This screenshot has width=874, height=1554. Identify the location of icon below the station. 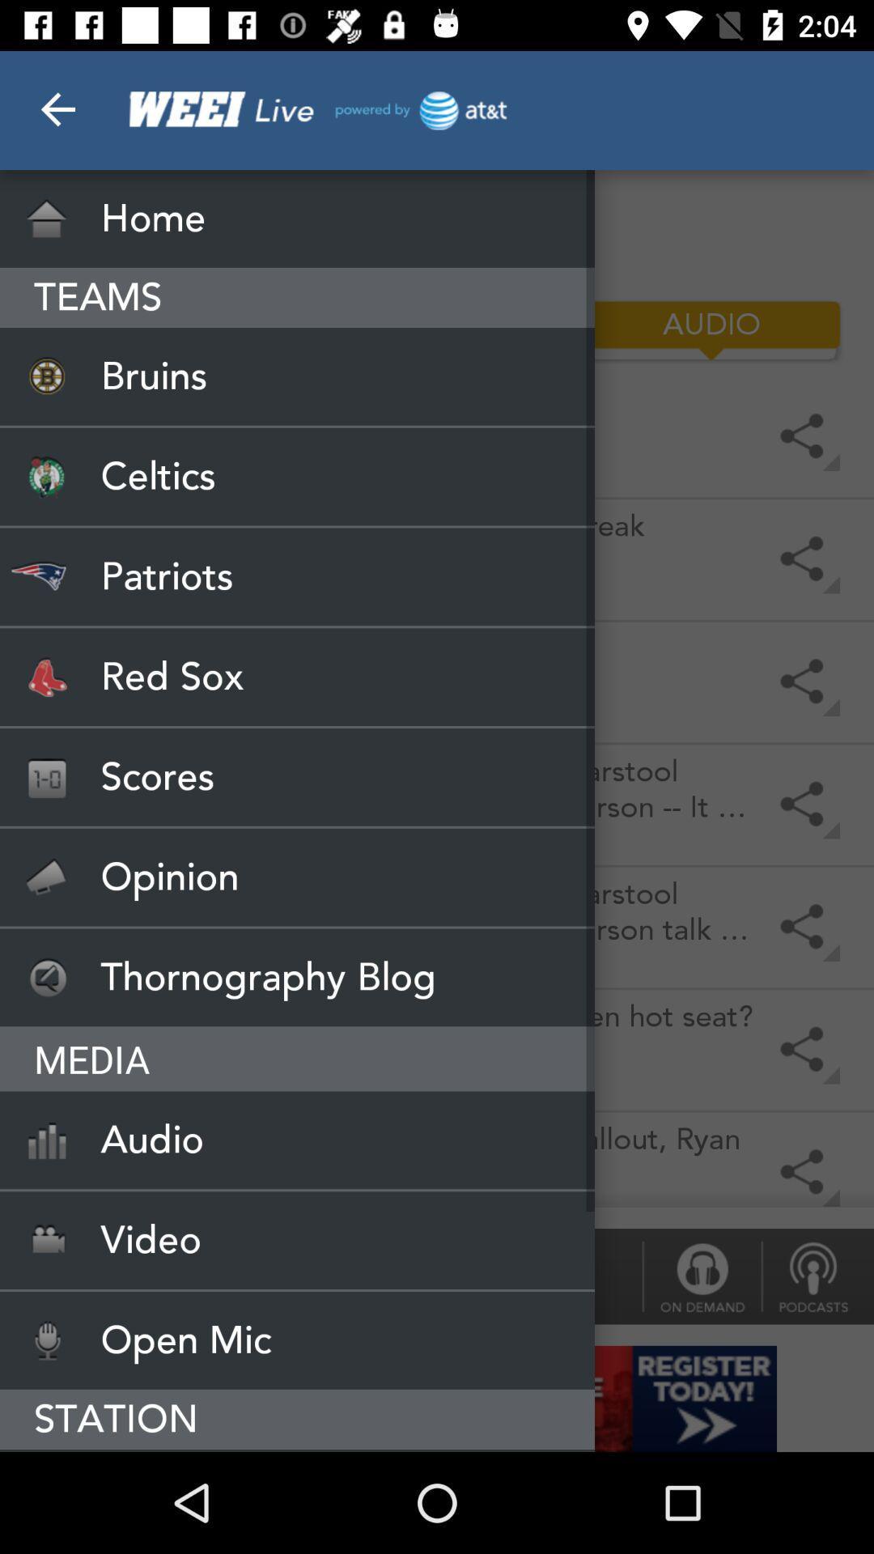
(297, 1450).